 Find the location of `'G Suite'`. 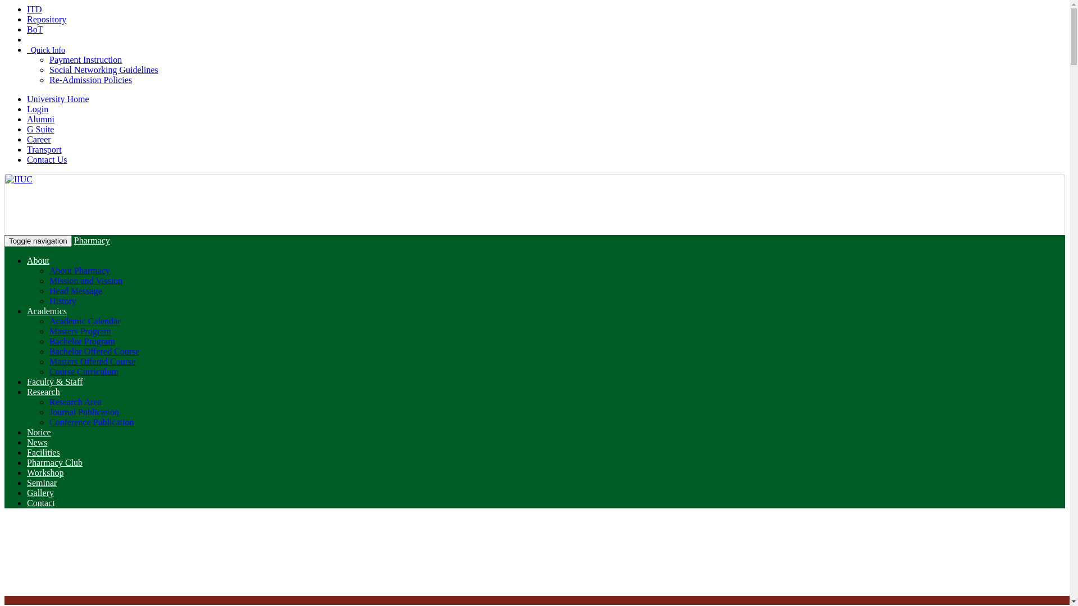

'G Suite' is located at coordinates (40, 128).